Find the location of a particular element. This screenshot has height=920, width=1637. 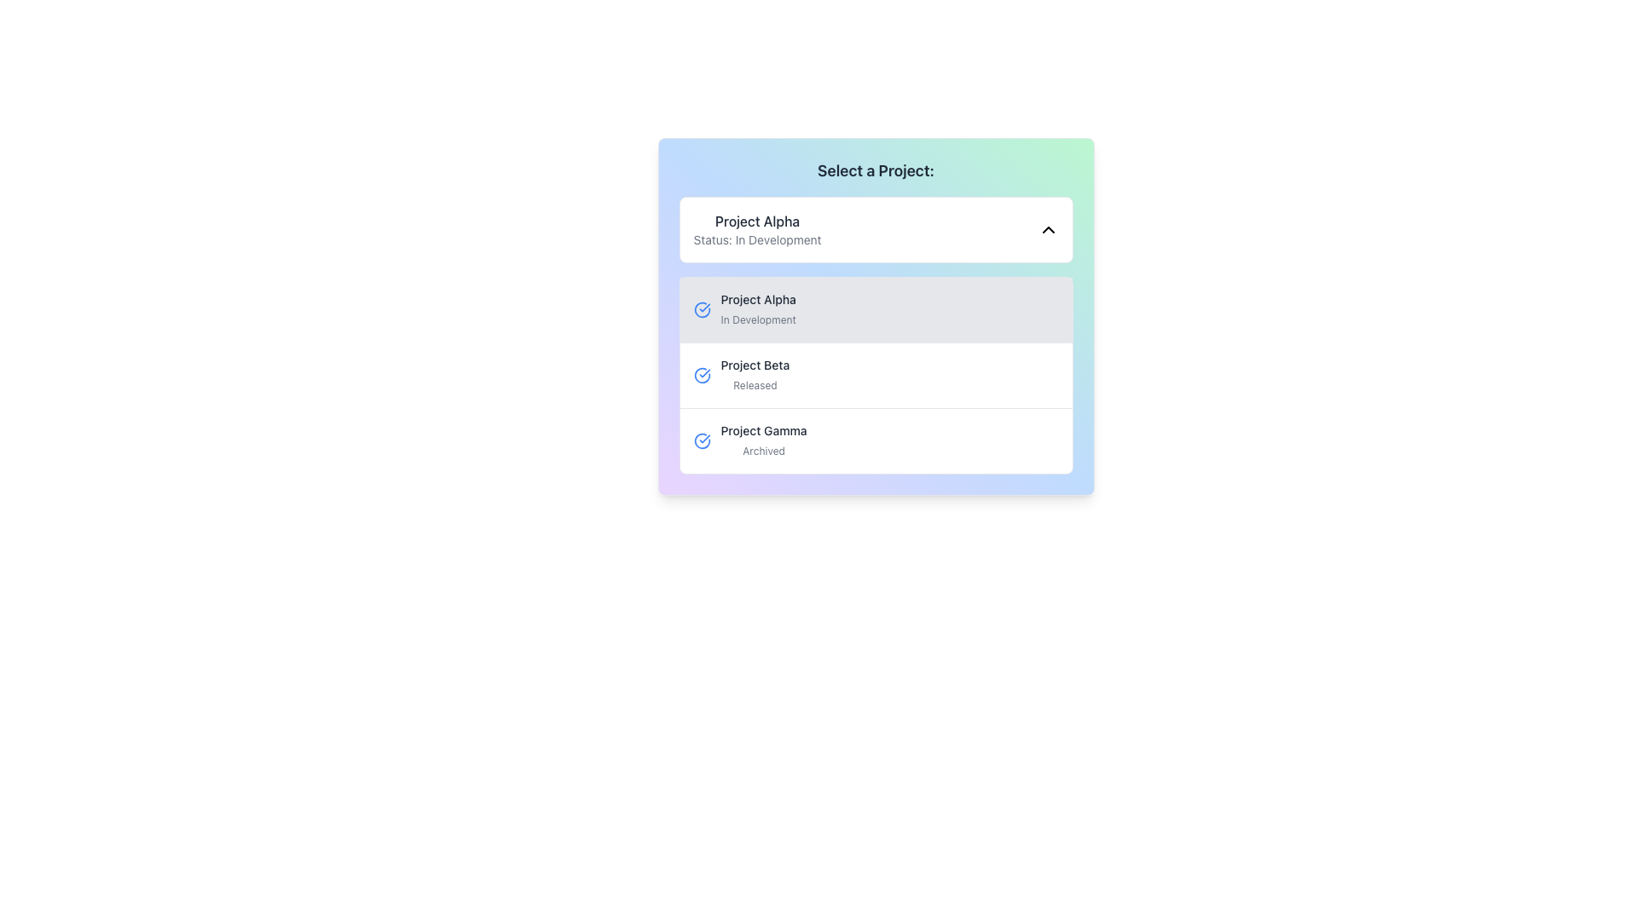

the icon representing the checked or active state for 'Project Alpha' located at the leftmost position of the row labeled 'Project Alpha' and 'In Development' is located at coordinates (702, 309).